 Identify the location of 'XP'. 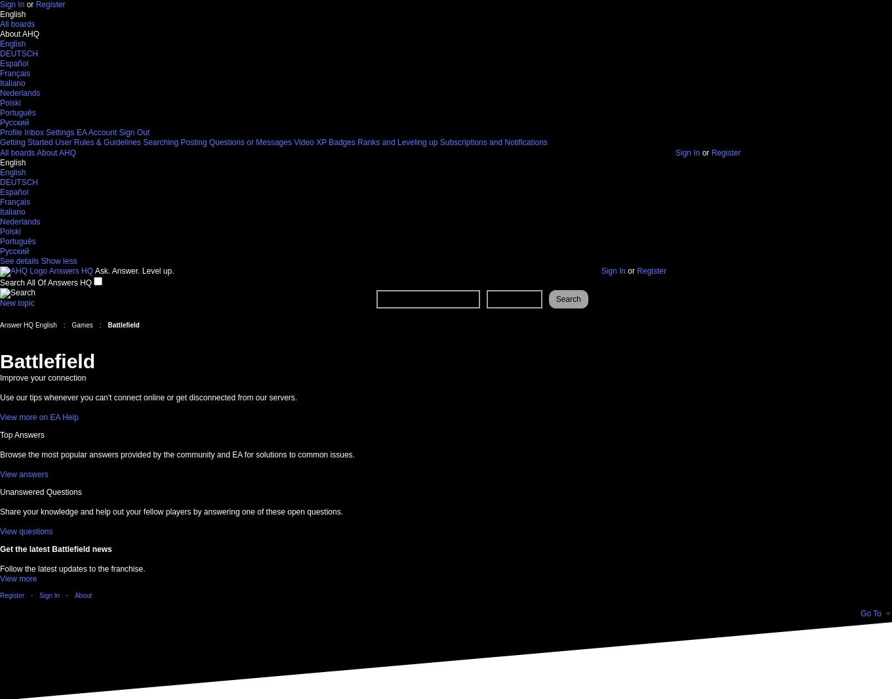
(321, 142).